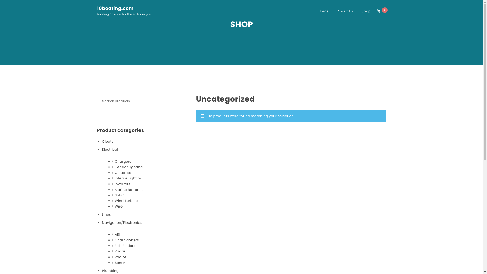  Describe the element at coordinates (110, 149) in the screenshot. I see `'Electrical'` at that location.